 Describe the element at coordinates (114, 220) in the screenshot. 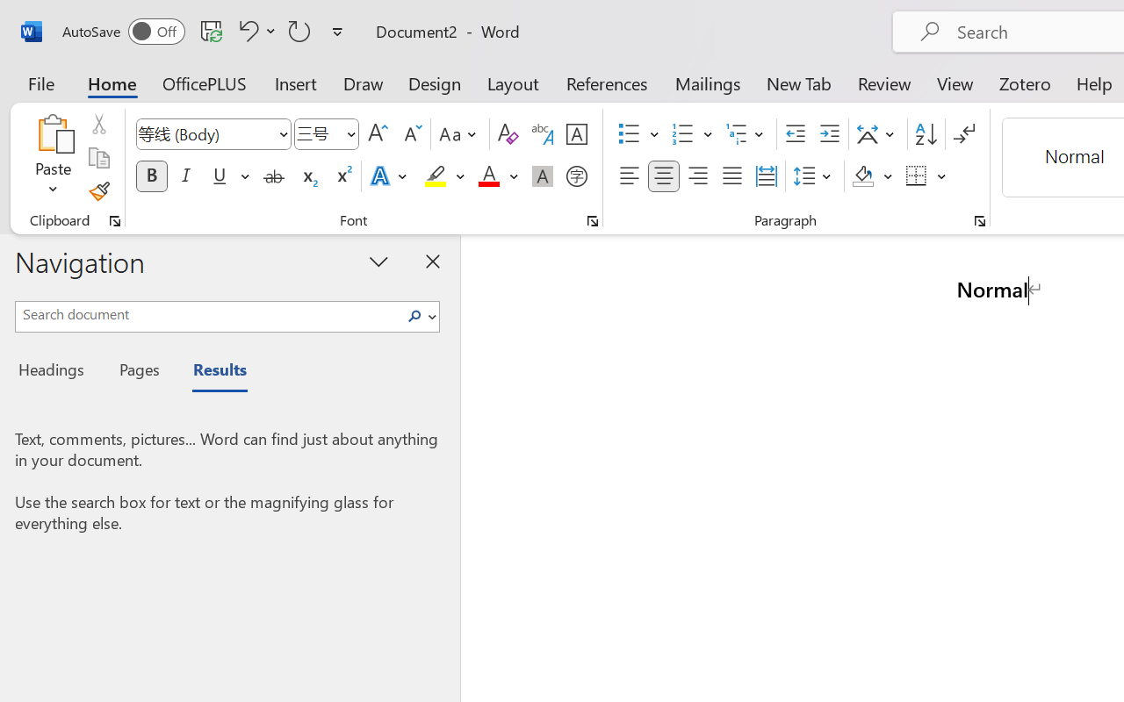

I see `'Office Clipboard...'` at that location.